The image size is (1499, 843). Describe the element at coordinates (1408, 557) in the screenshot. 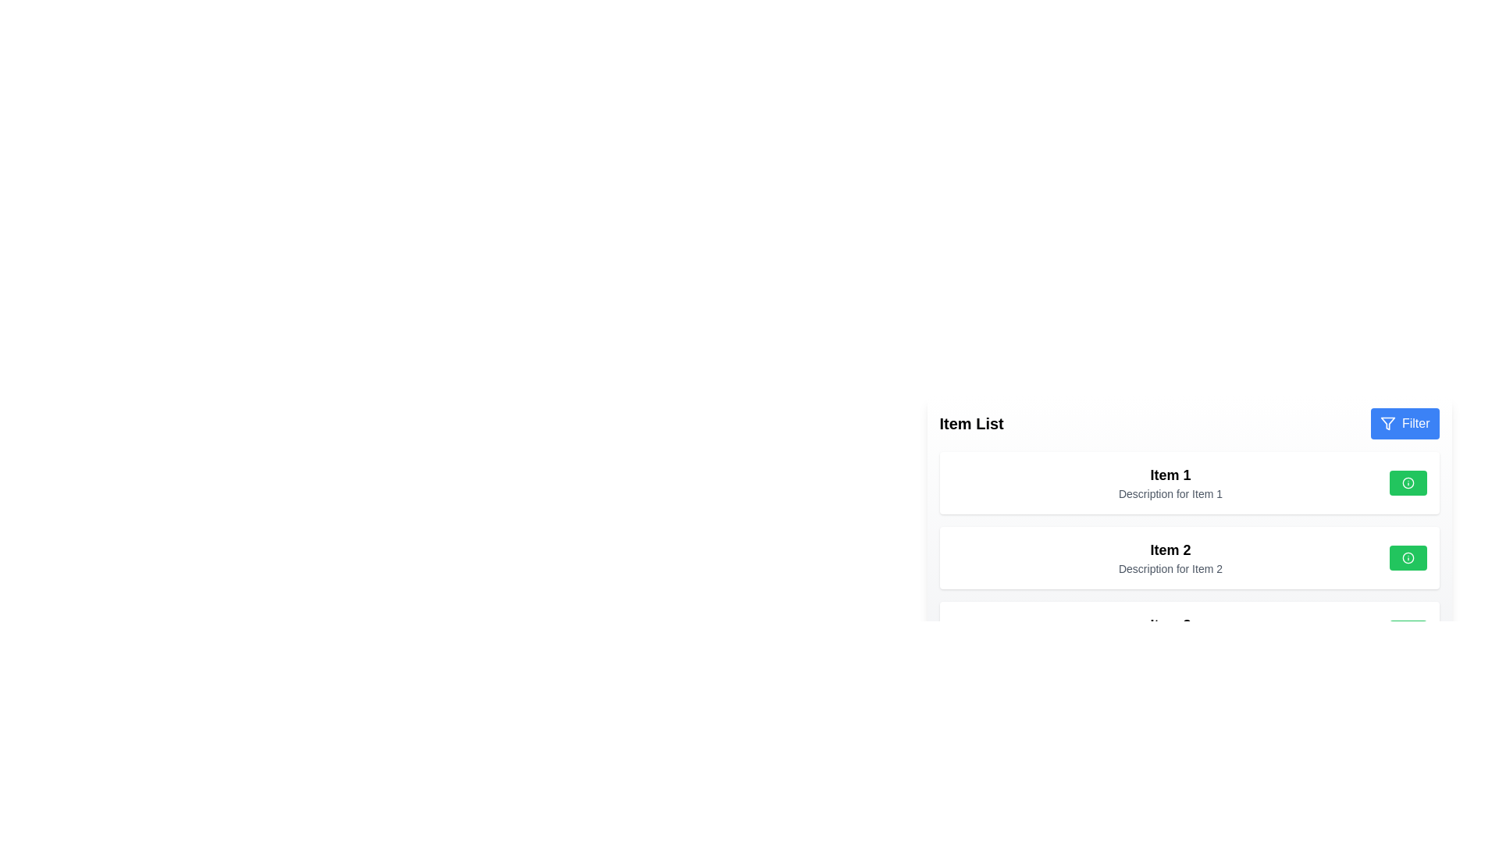

I see `the icon inside the green button located to the far right of the row labeled 'Item 2'` at that location.